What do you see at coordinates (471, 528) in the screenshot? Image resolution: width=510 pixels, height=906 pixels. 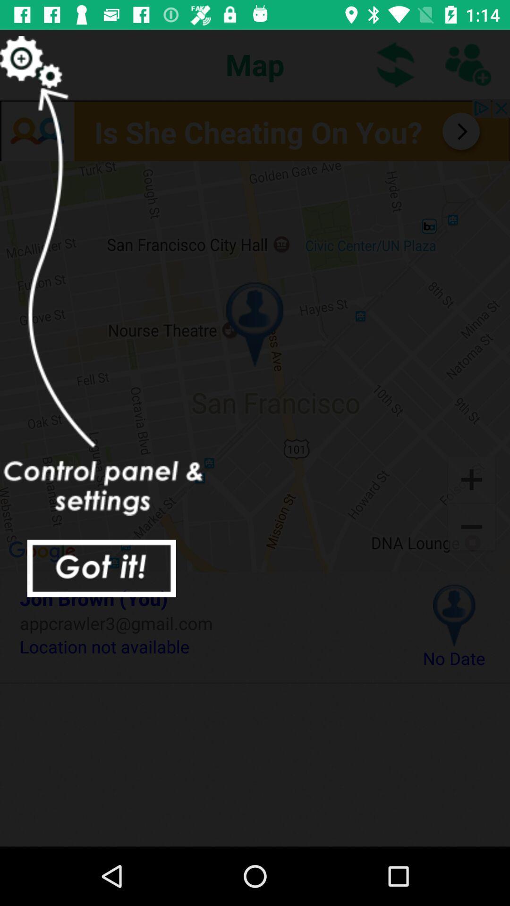 I see `the minus icon` at bounding box center [471, 528].